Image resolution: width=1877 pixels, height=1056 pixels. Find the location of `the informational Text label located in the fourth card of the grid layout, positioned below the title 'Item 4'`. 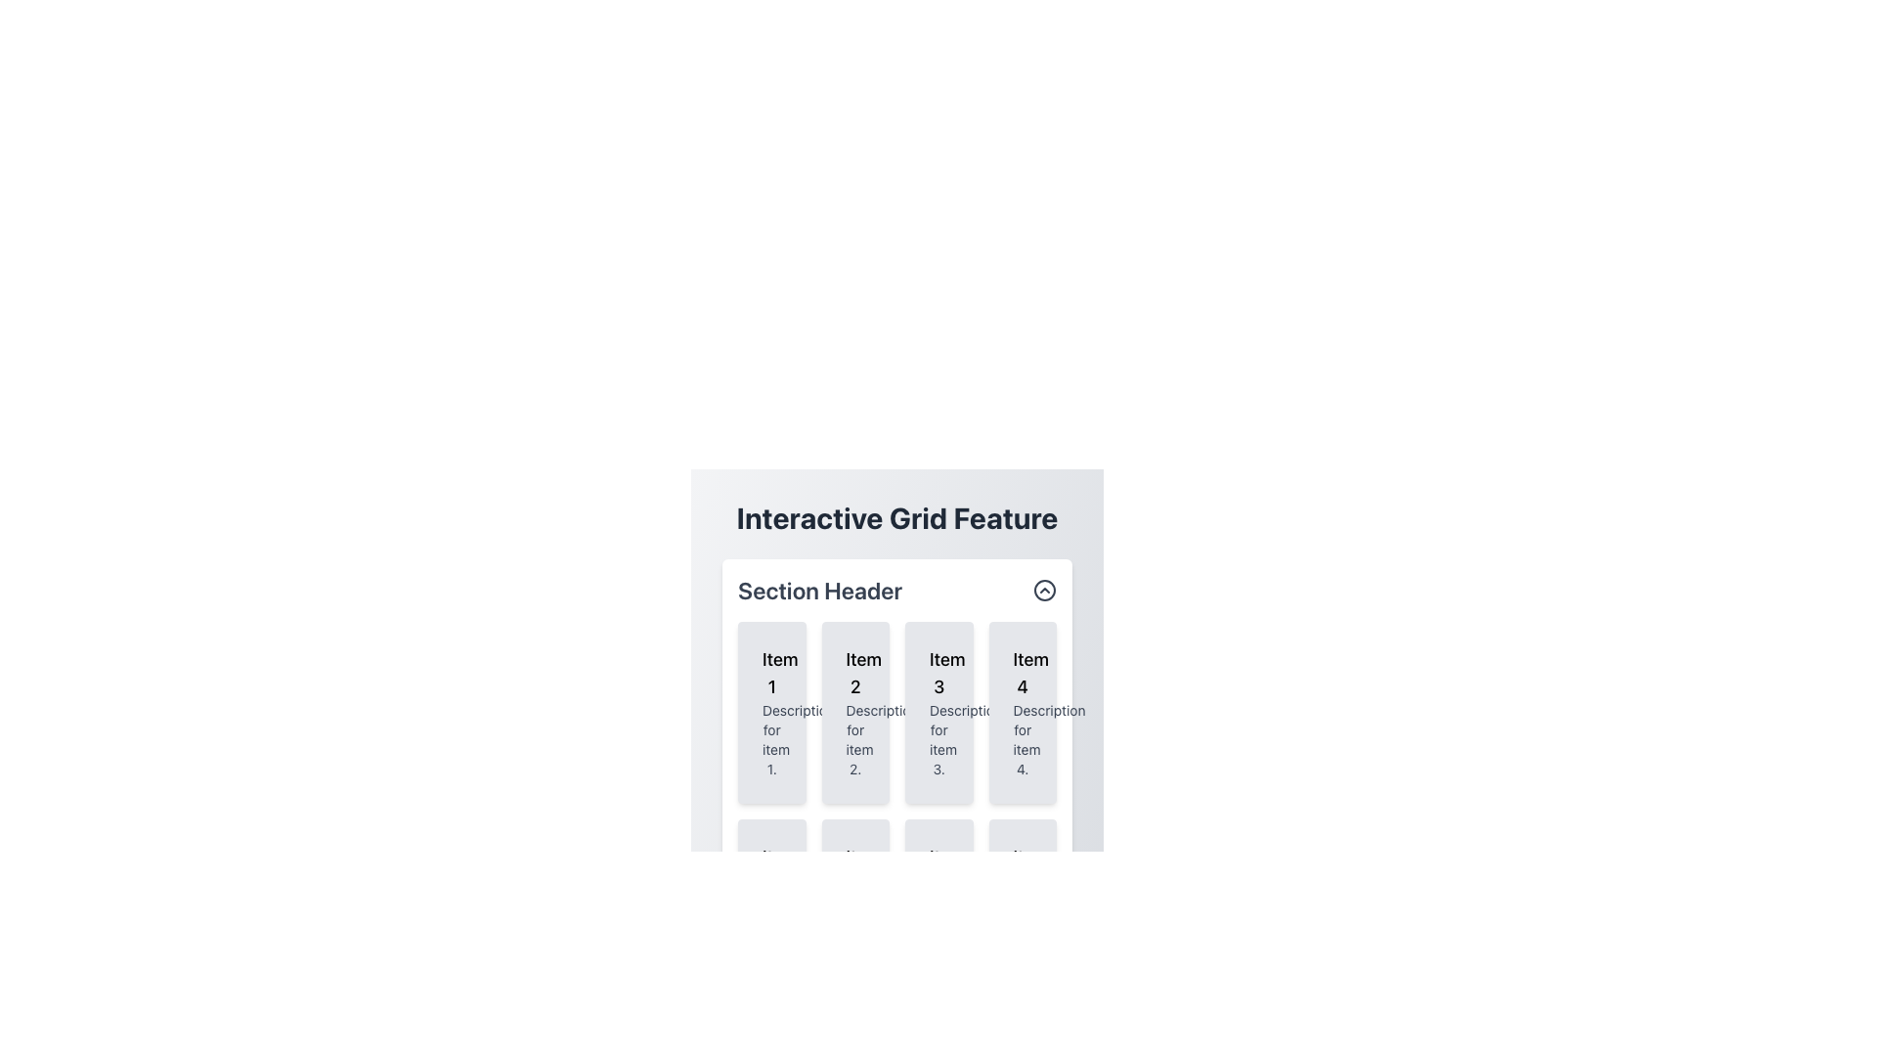

the informational Text label located in the fourth card of the grid layout, positioned below the title 'Item 4' is located at coordinates (1022, 739).